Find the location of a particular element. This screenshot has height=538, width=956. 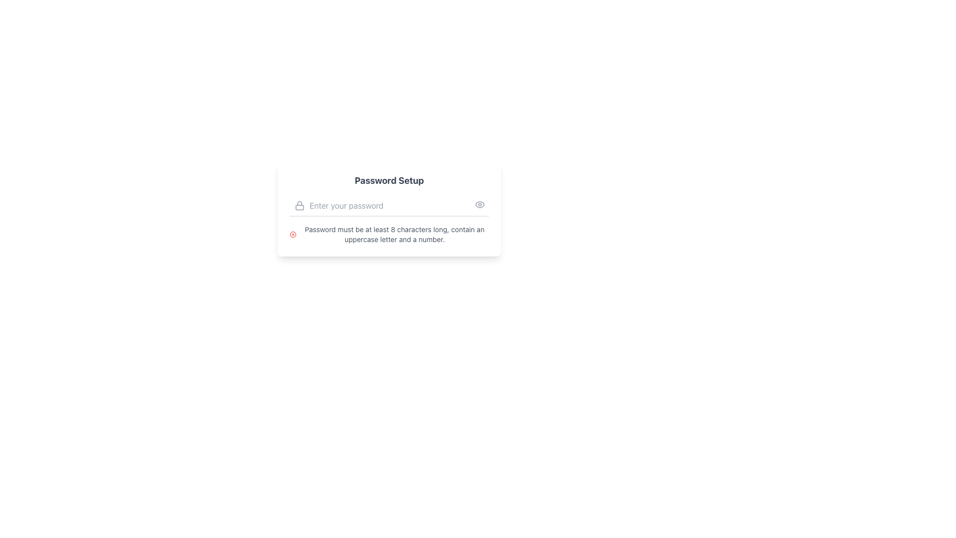

the lock-shaped icon located near the top-left corner of the password input field is located at coordinates (299, 205).